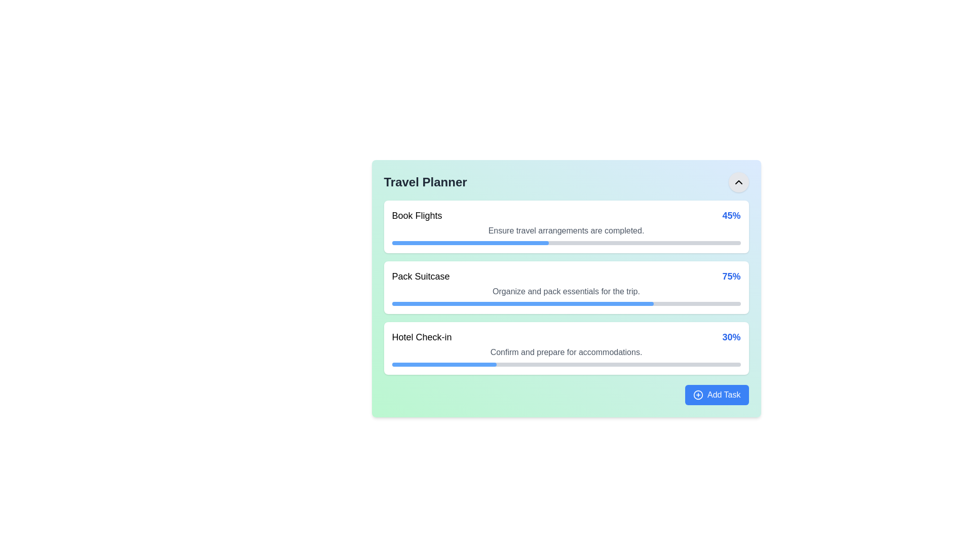 Image resolution: width=973 pixels, height=547 pixels. Describe the element at coordinates (731, 215) in the screenshot. I see `the Text Label displaying '45%' in bold blue font, positioned to the right of 'Book Flights'` at that location.